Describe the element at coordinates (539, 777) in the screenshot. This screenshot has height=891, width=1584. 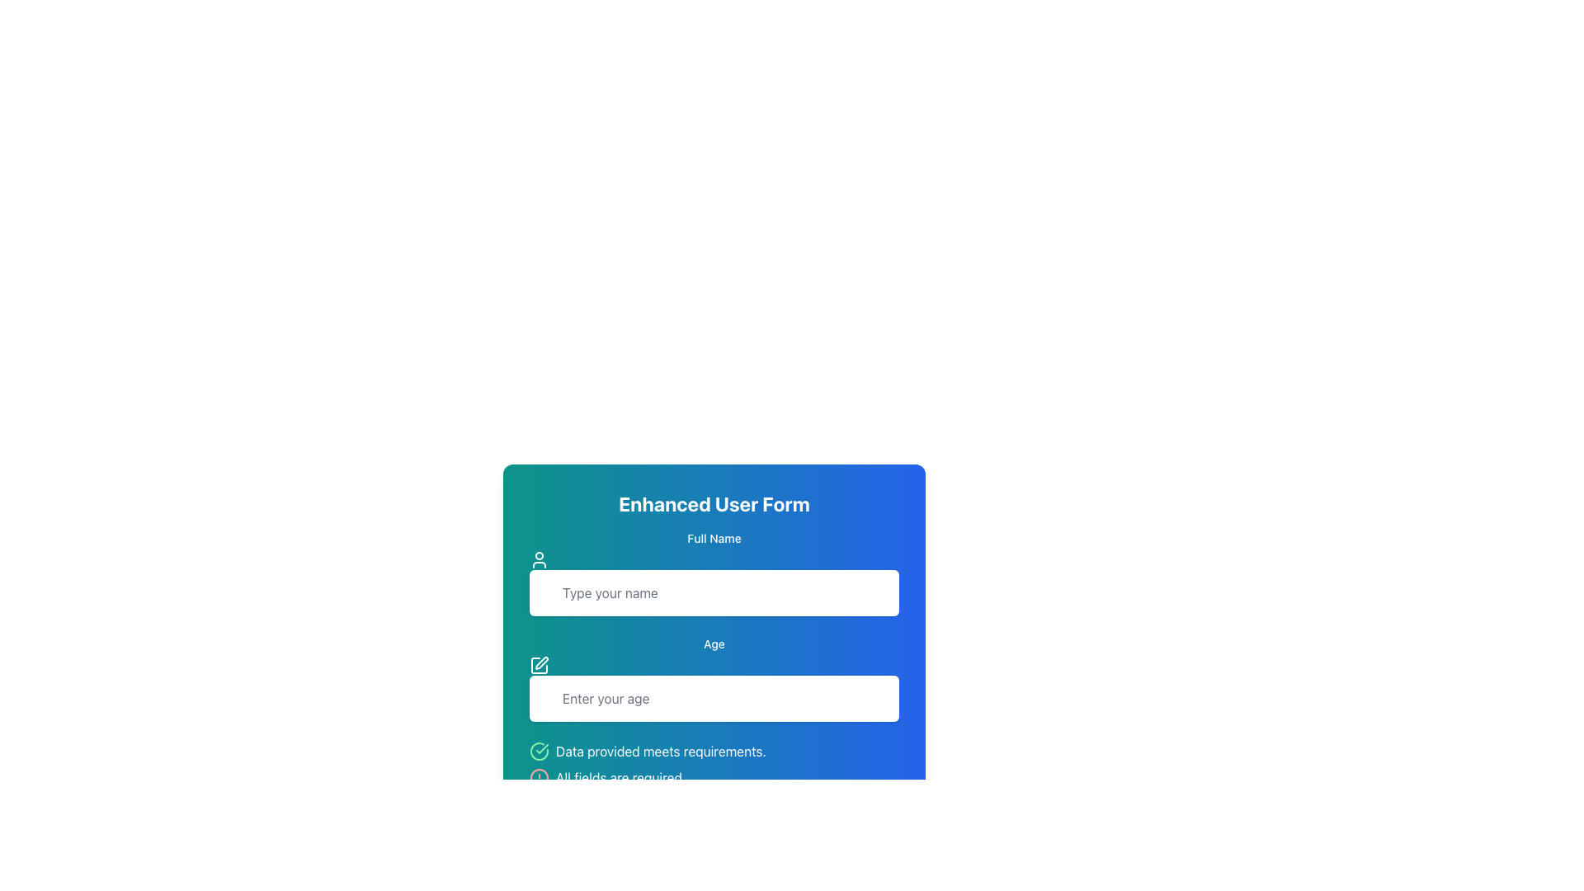
I see `the circular alert icon positioned at the bottom of the form interface, adjacent to the text 'All fields are required'` at that location.